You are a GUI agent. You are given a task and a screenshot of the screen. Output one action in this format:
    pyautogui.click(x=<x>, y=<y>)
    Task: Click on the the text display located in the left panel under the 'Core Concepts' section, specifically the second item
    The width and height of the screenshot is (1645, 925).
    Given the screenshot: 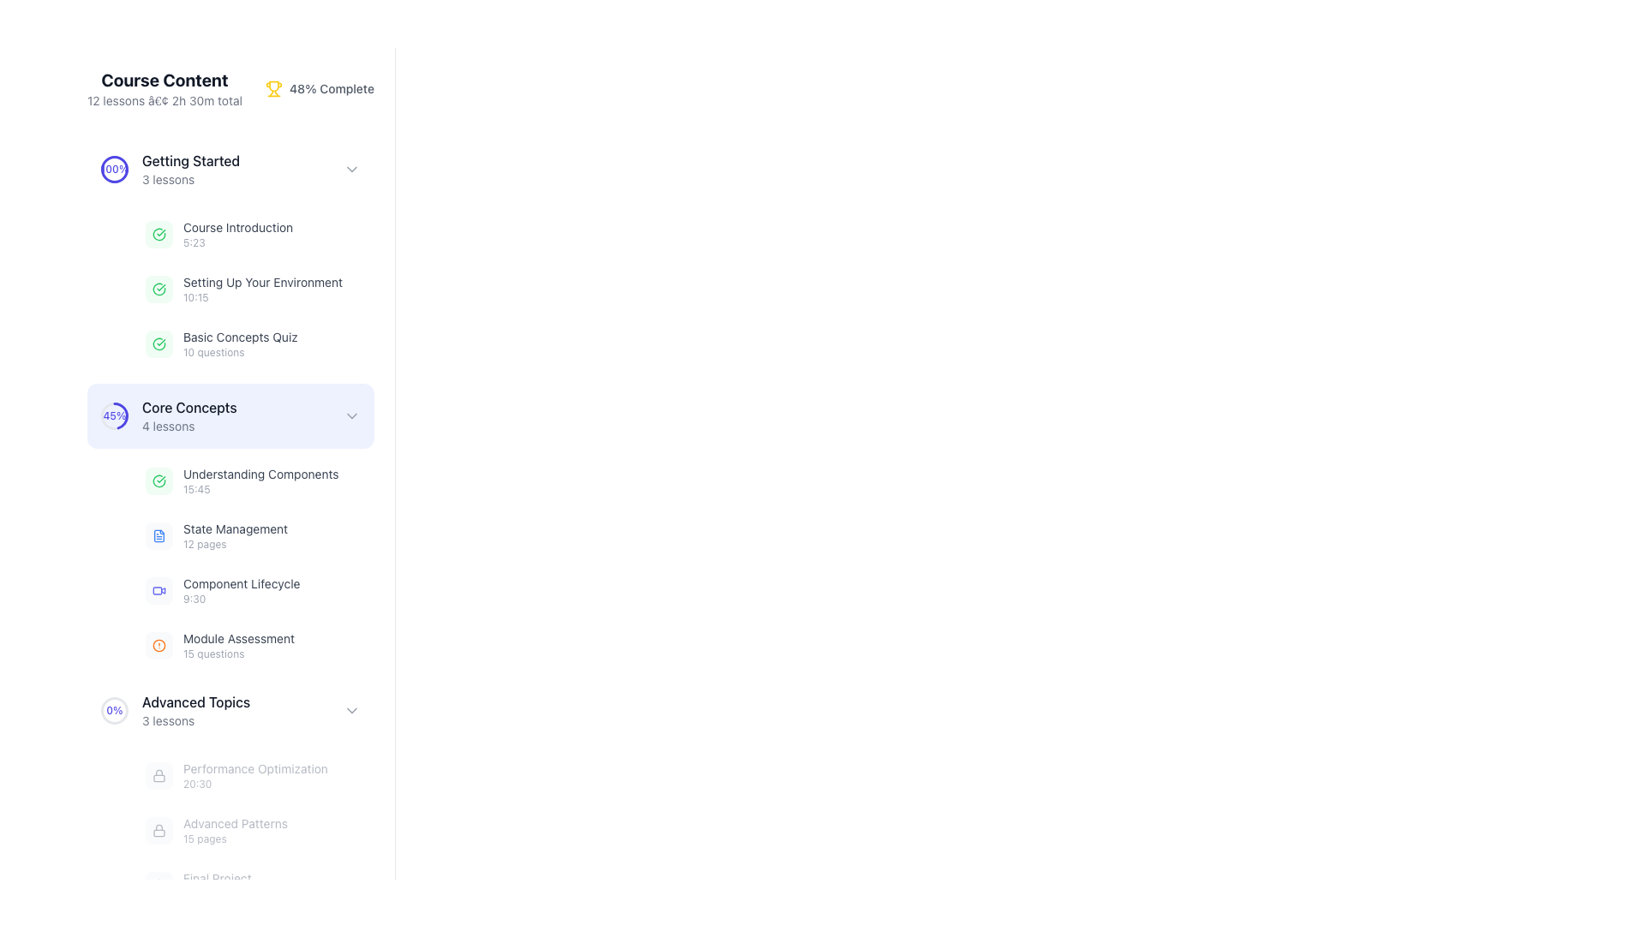 What is the action you would take?
    pyautogui.click(x=234, y=534)
    